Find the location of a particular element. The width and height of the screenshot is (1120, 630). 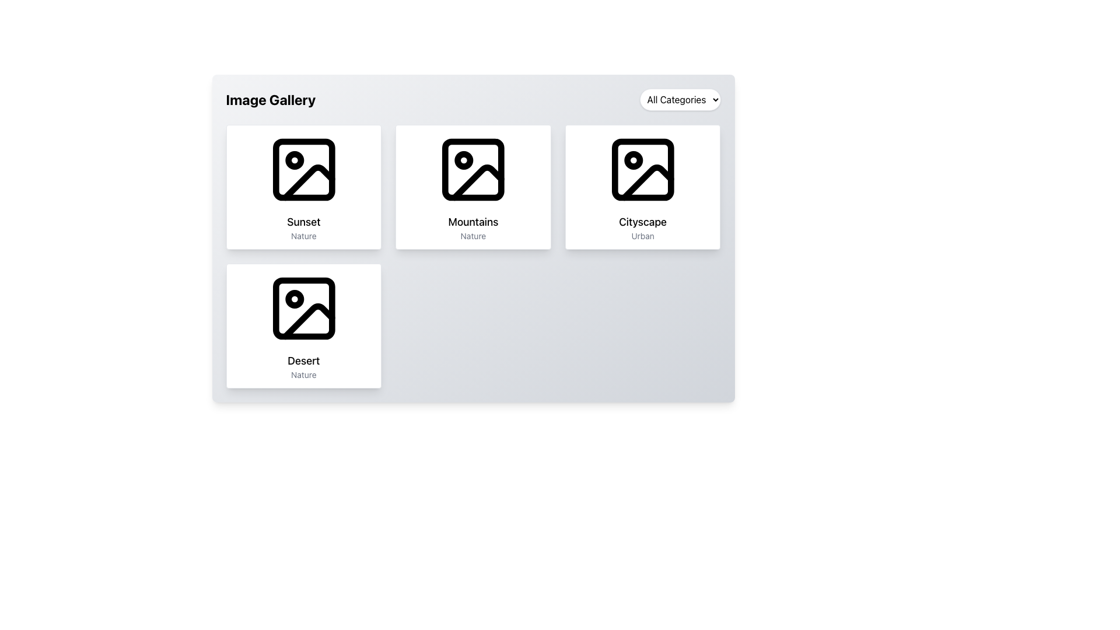

the 'Cityscape' text label, which is a large, bold heading located in the second row, third column of the grid-layout image gallery, above the 'Urban' descriptor is located at coordinates (642, 222).